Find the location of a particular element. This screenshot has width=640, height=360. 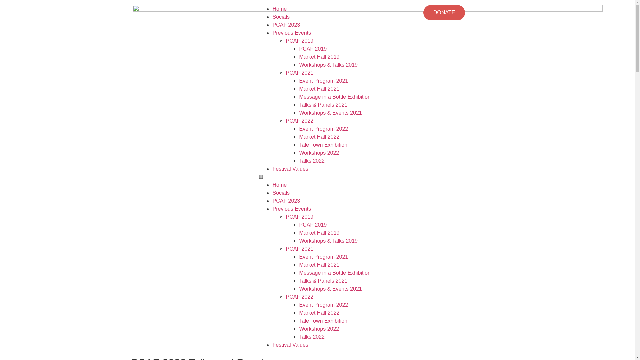

'Socials' is located at coordinates (281, 193).